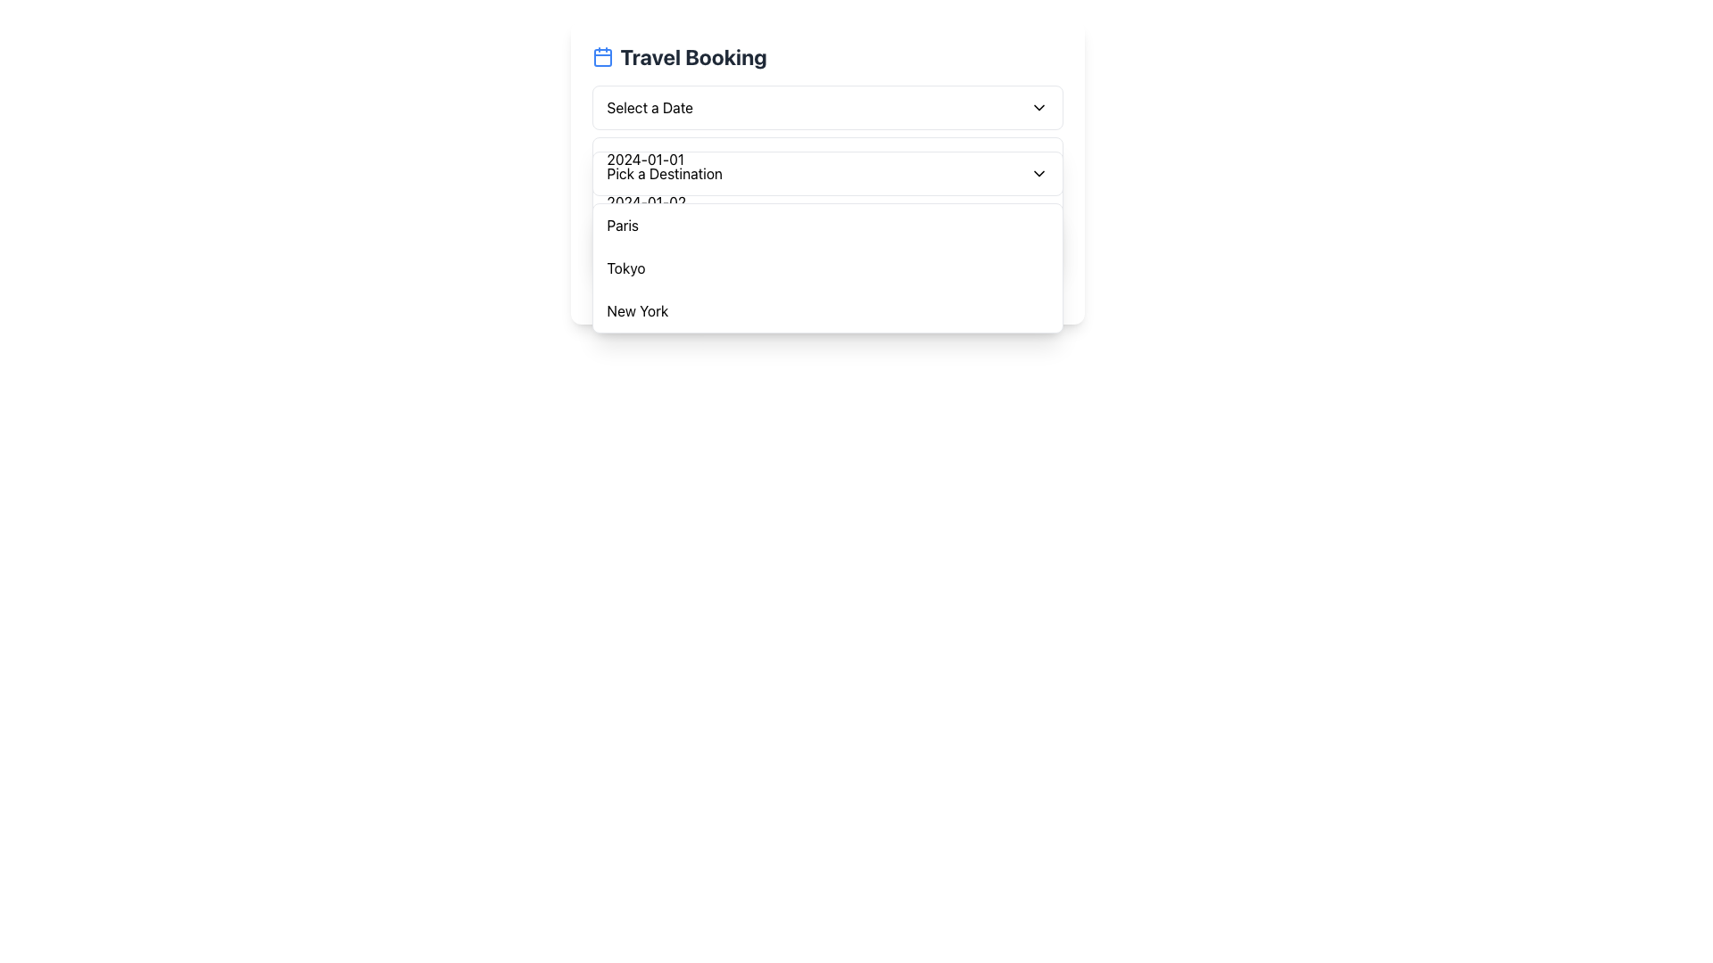 The width and height of the screenshot is (1713, 963). Describe the element at coordinates (826, 309) in the screenshot. I see `the dropdown option labeled 'New York', which is the third option in the vertical dropdown list located beneath 'Tokyo'` at that location.